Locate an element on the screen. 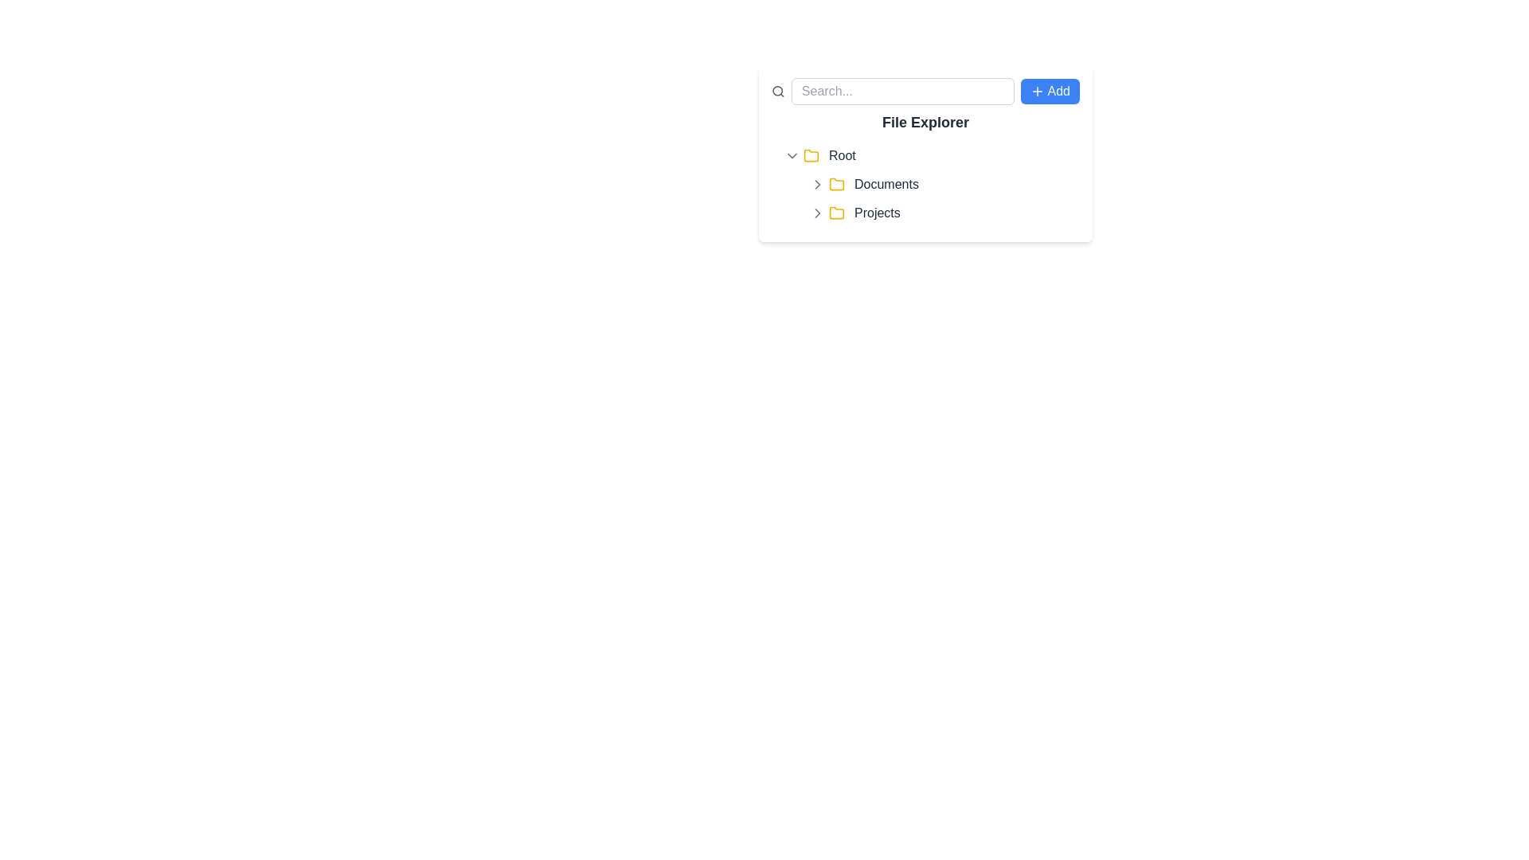 Image resolution: width=1529 pixels, height=860 pixels. the 'Root' label, which is styled with medium gray font and medium boldness, to understand the folder context is located at coordinates (841, 156).